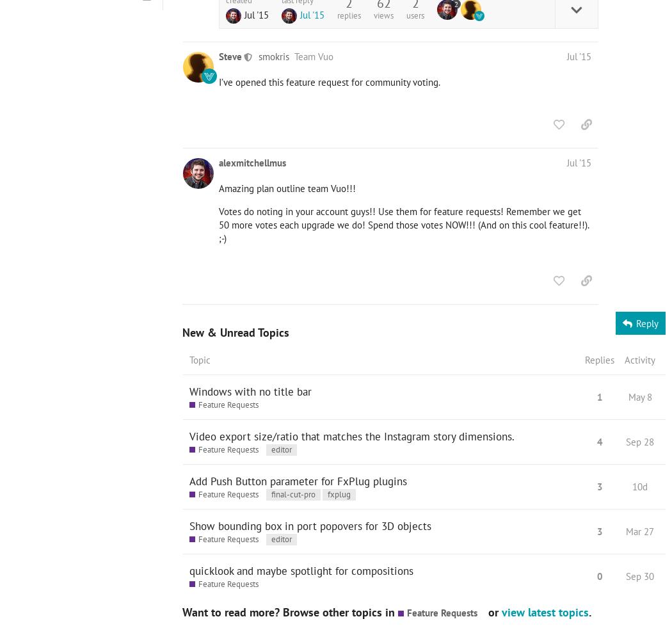  Describe the element at coordinates (640, 576) in the screenshot. I see `'Sep 30'` at that location.